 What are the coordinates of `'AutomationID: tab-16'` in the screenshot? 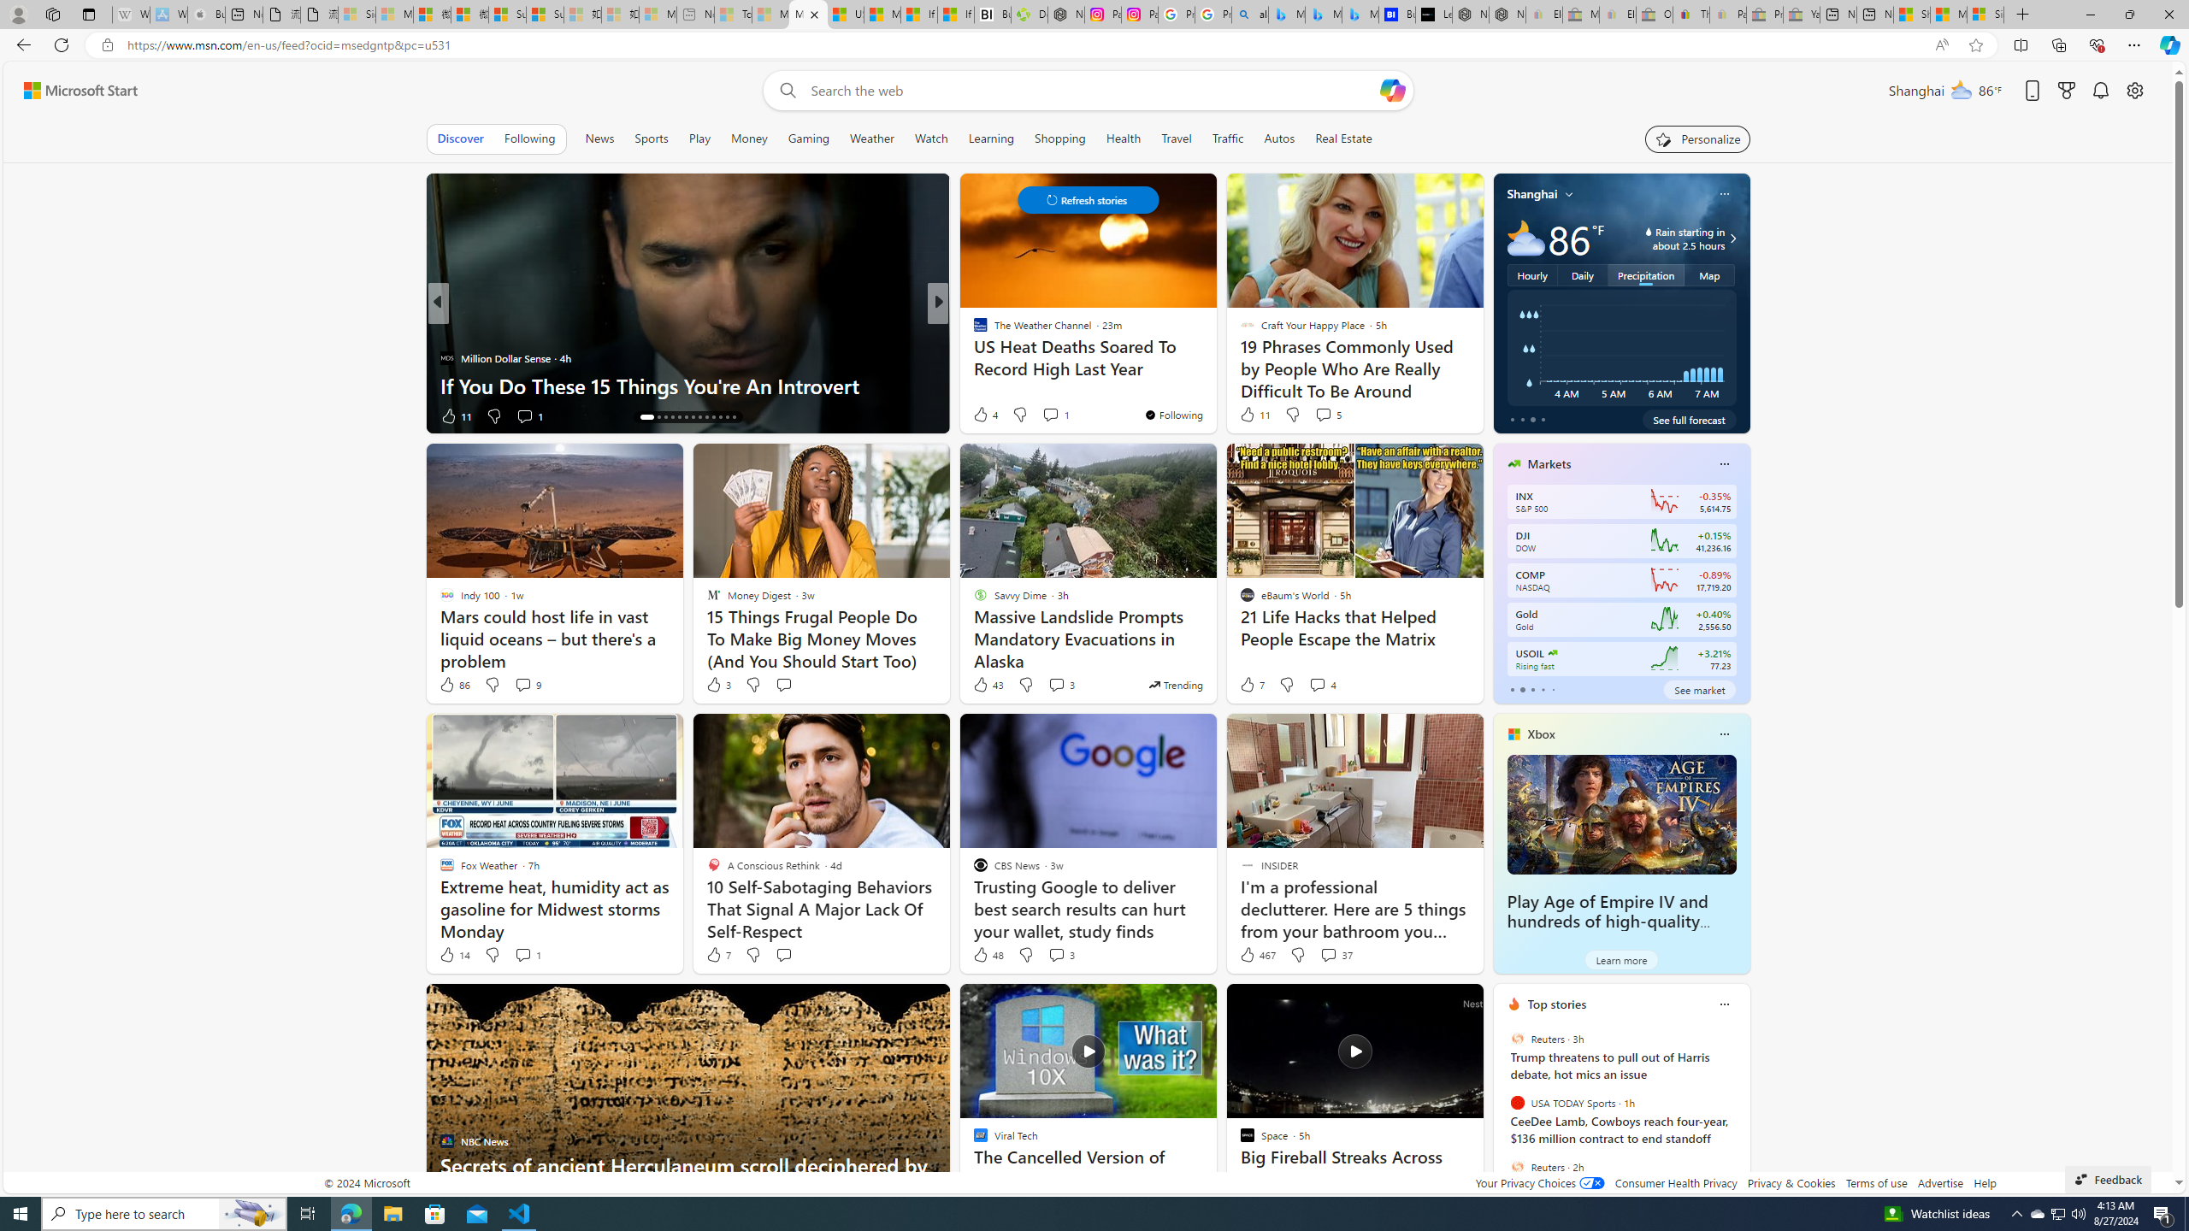 It's located at (665, 416).